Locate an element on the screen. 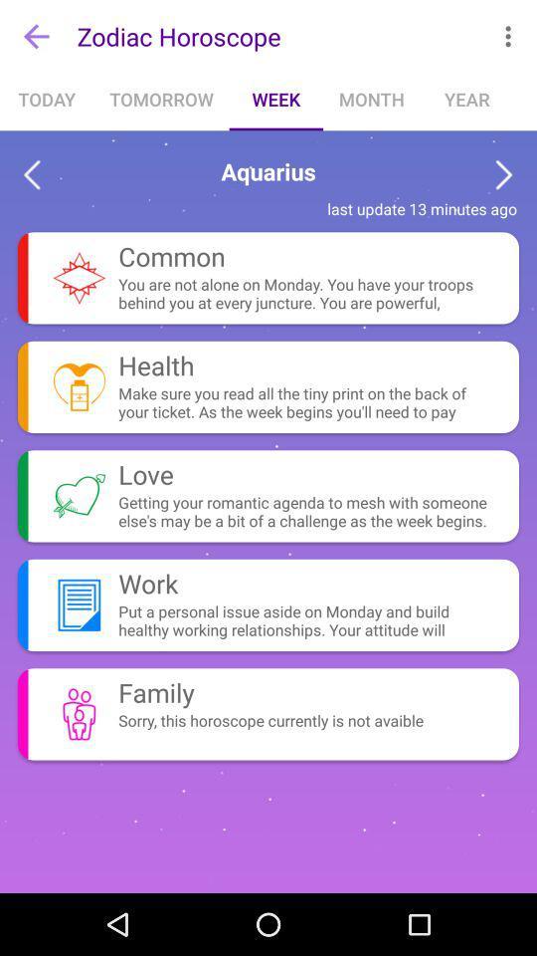 The width and height of the screenshot is (537, 956). go back is located at coordinates (31, 174).